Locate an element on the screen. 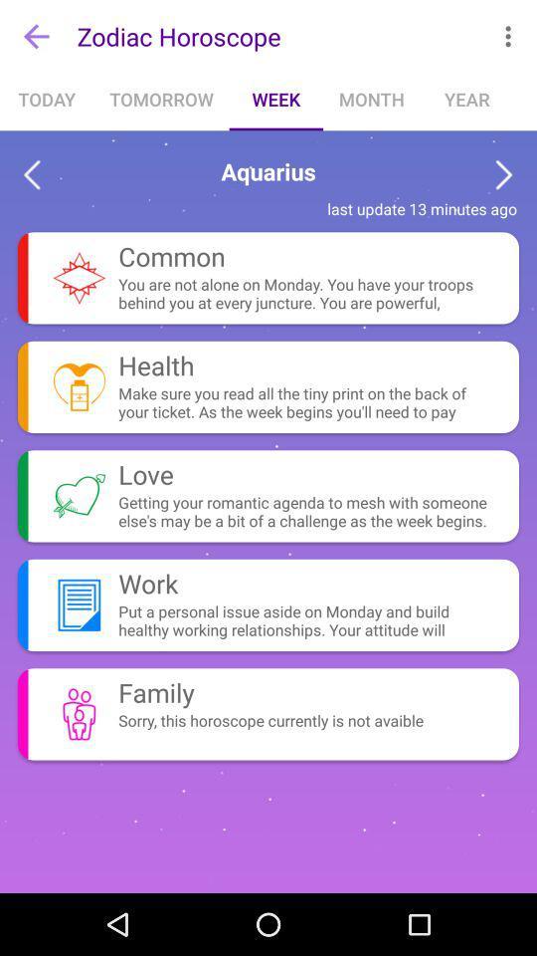 The width and height of the screenshot is (537, 956). go back is located at coordinates (31, 174).